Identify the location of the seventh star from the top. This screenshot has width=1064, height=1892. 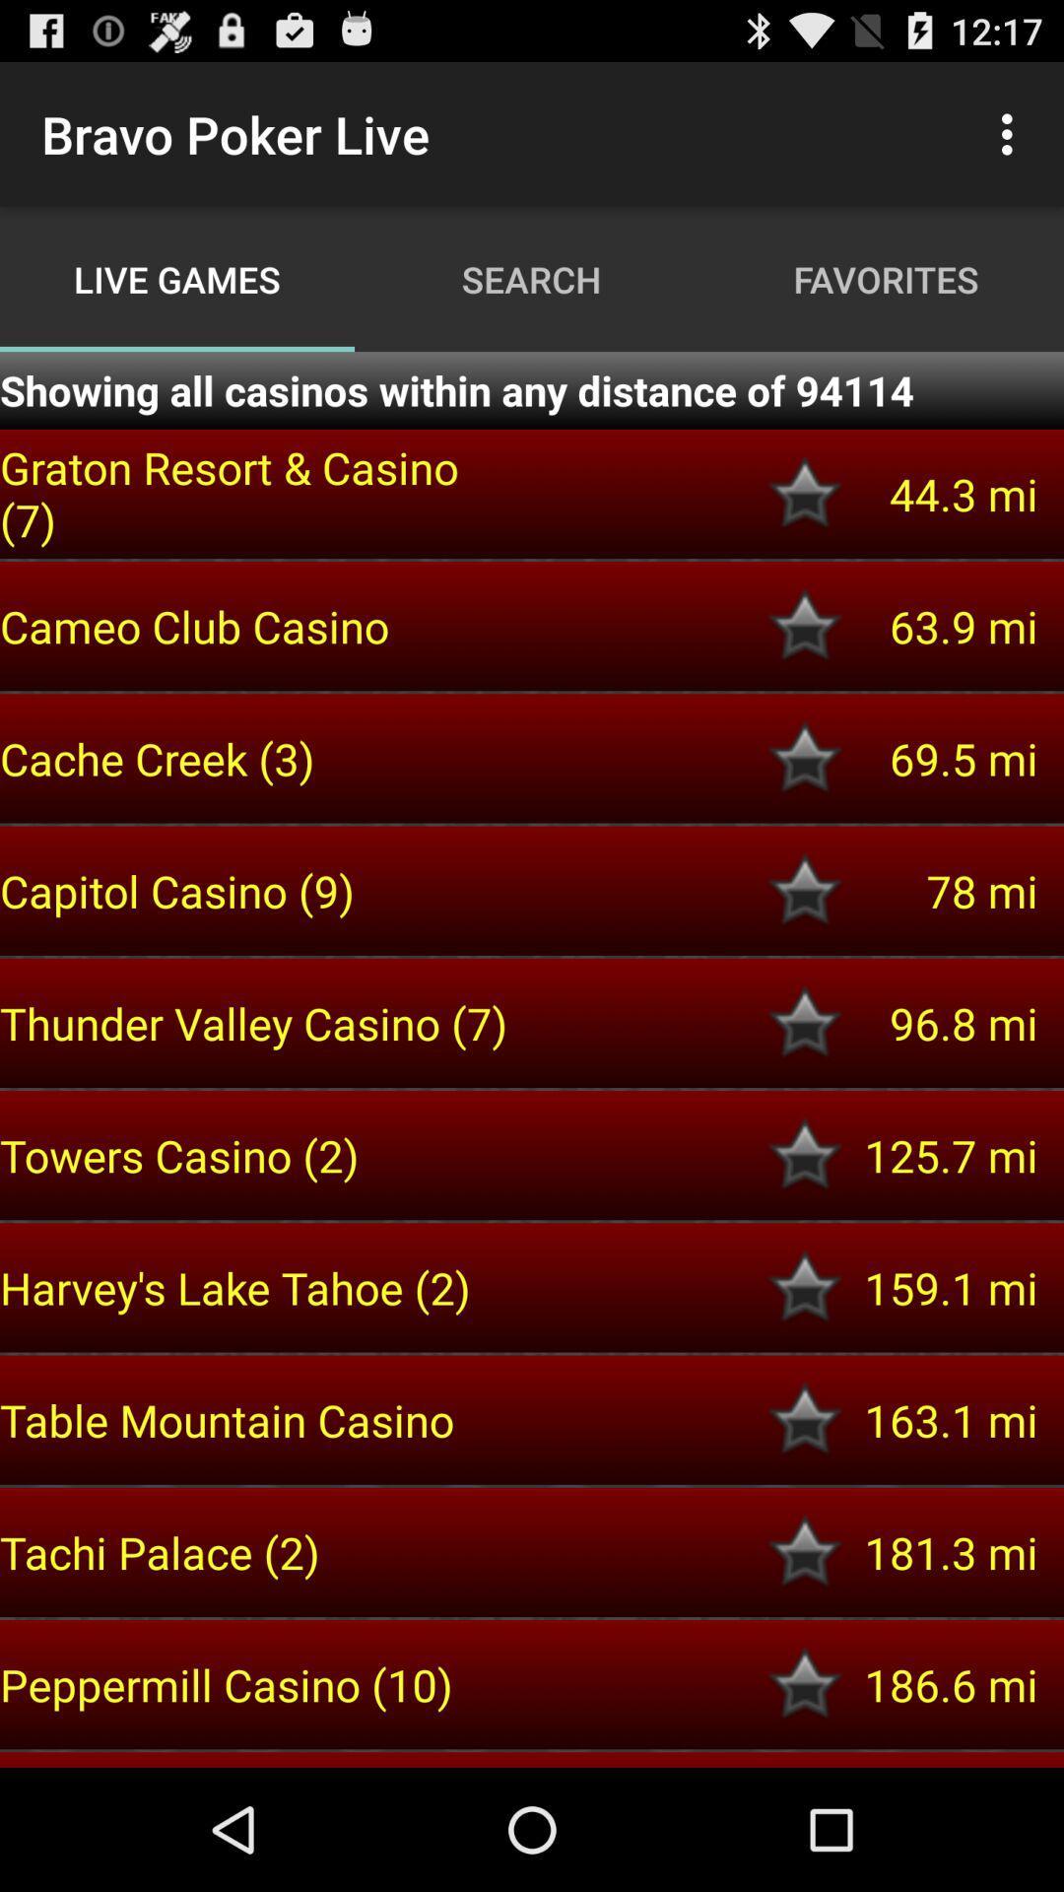
(805, 1287).